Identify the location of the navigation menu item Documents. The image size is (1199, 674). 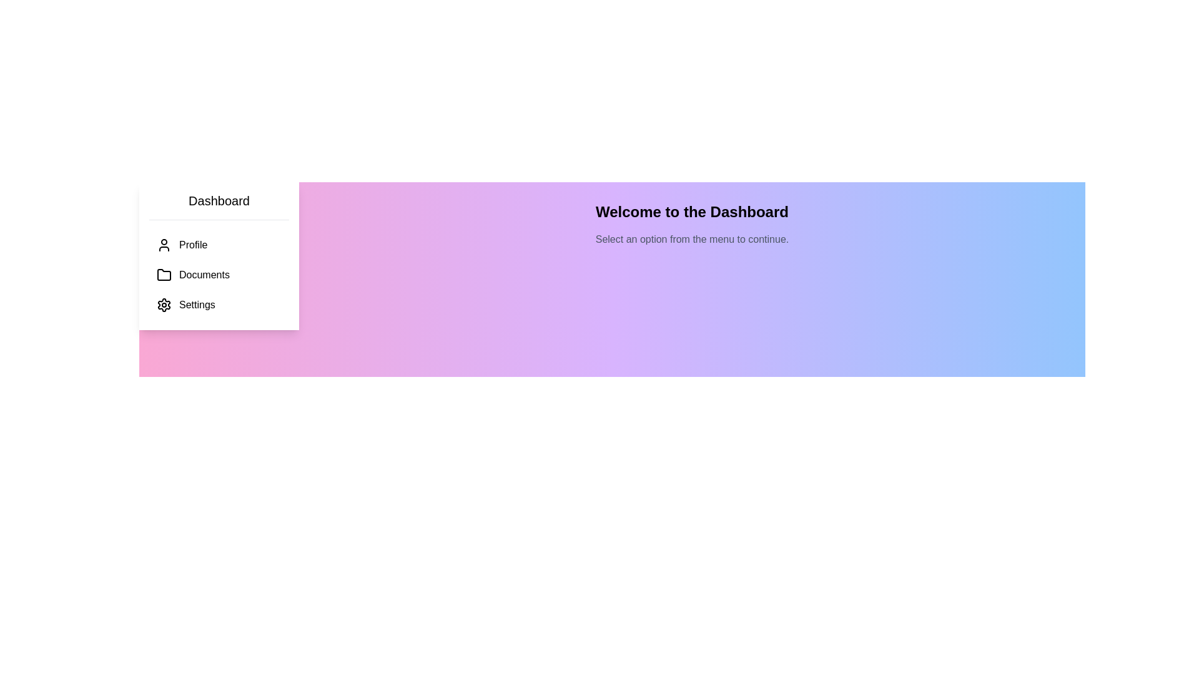
(219, 274).